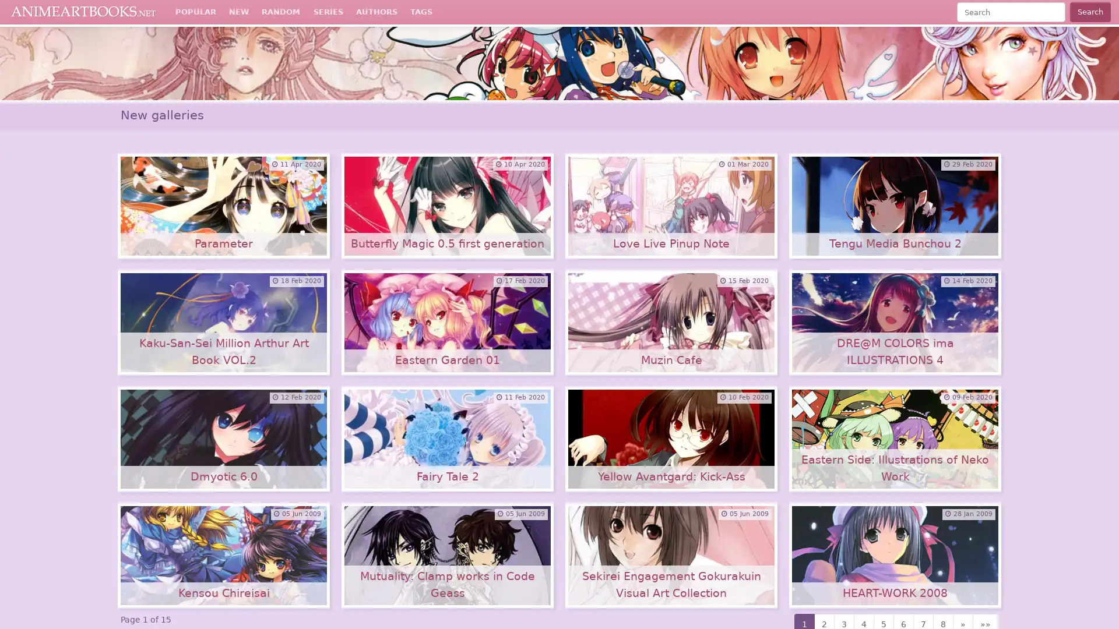 The width and height of the screenshot is (1119, 629). What do you see at coordinates (1089, 12) in the screenshot?
I see `Search` at bounding box center [1089, 12].